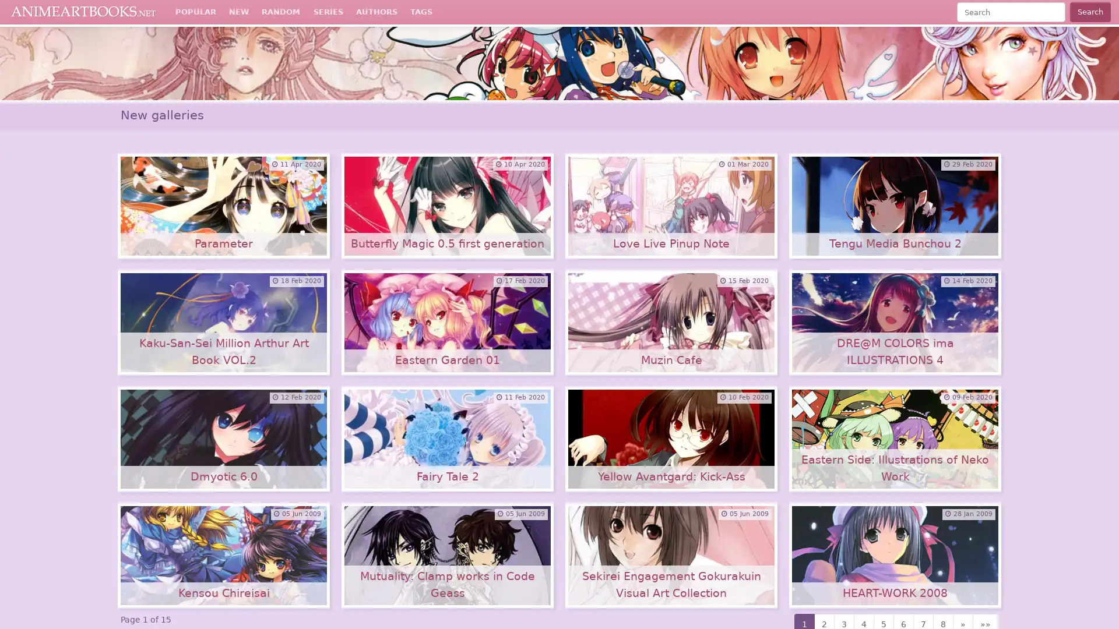 The width and height of the screenshot is (1119, 629). What do you see at coordinates (1089, 12) in the screenshot?
I see `Search` at bounding box center [1089, 12].